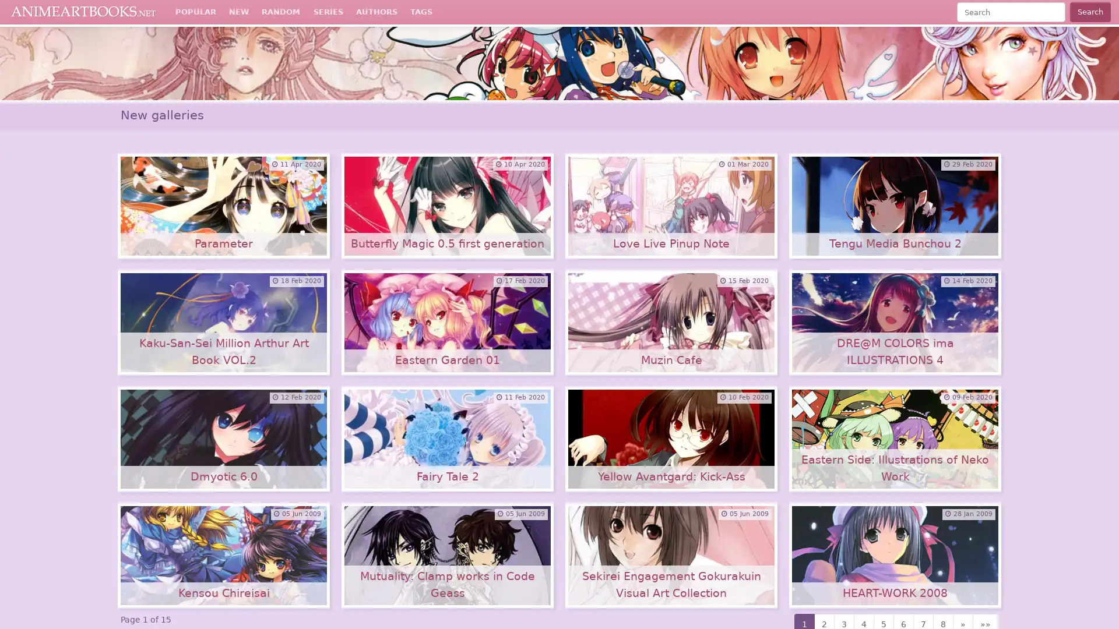 The width and height of the screenshot is (1119, 629). What do you see at coordinates (1089, 12) in the screenshot?
I see `Search` at bounding box center [1089, 12].